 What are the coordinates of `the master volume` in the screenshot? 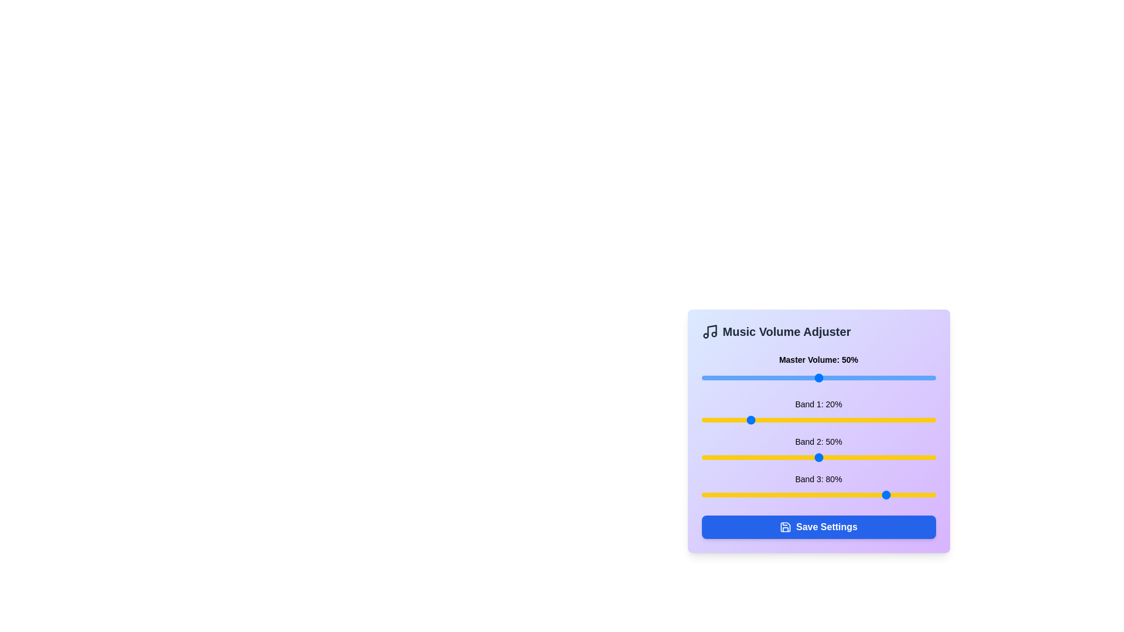 It's located at (762, 377).